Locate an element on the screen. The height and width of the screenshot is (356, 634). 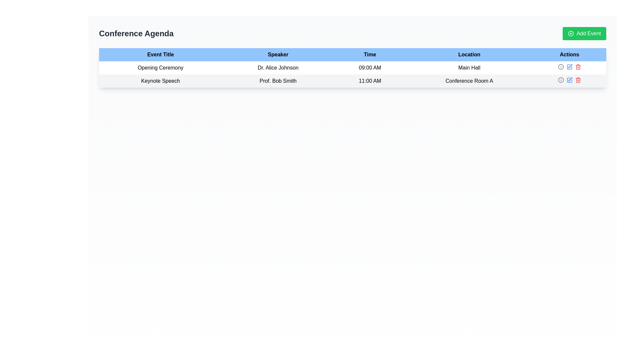
the middle rectangle of the trash icon located in the 'Actions' section of the second row of the events table is located at coordinates (578, 80).